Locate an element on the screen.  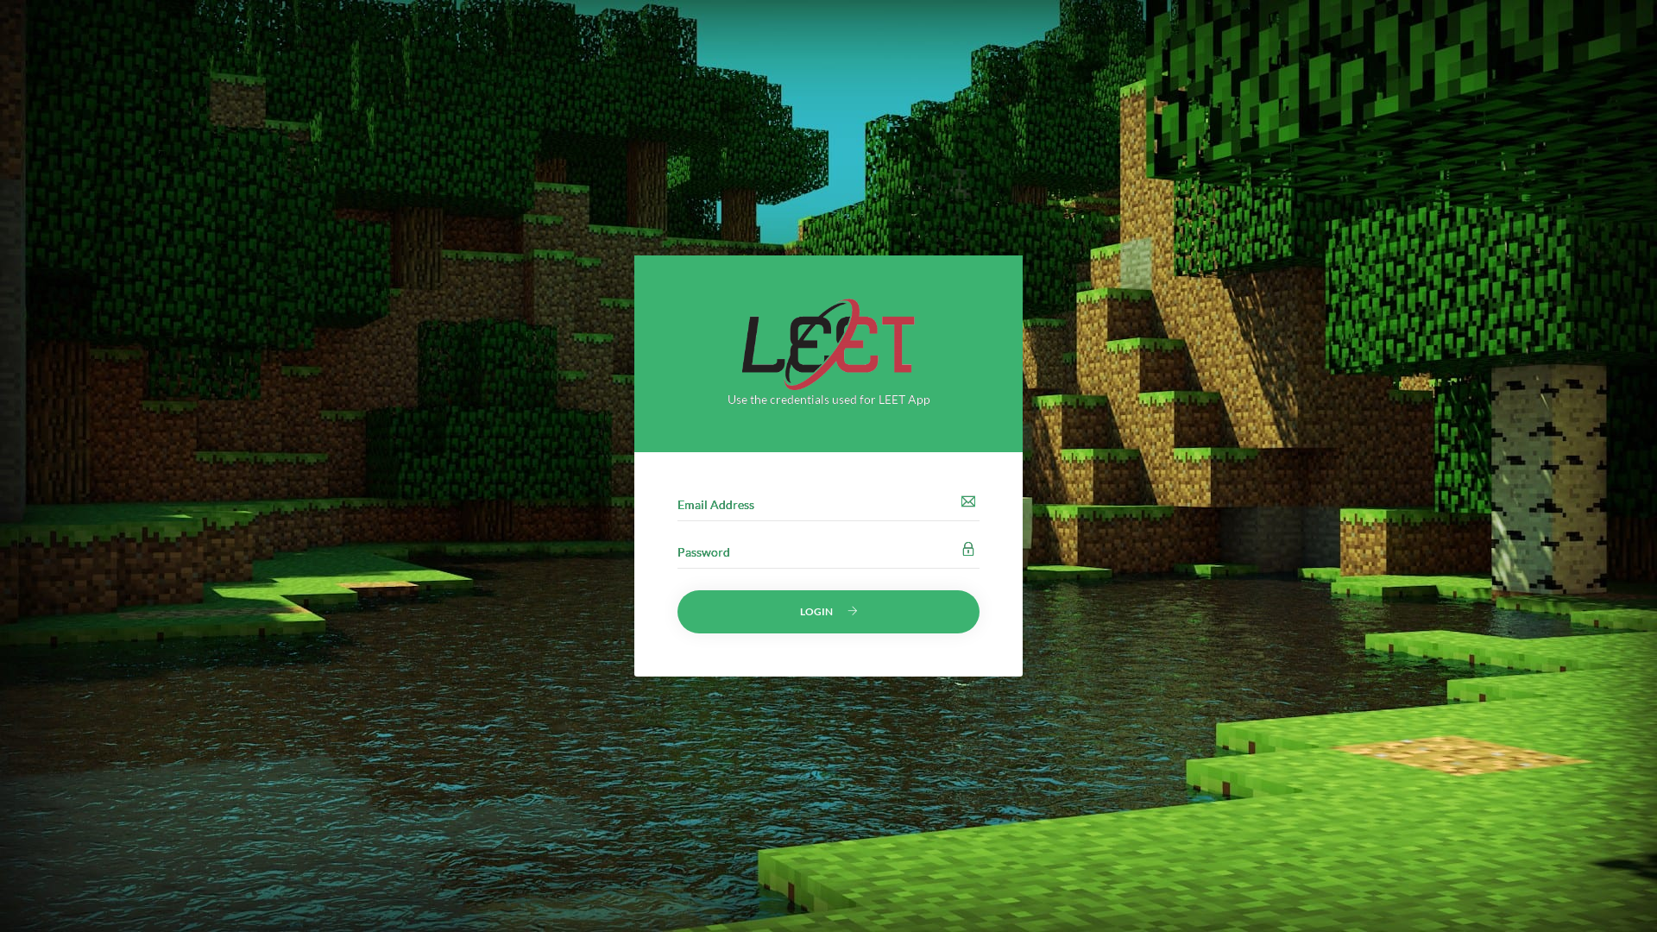
'LOGIN' is located at coordinates (828, 611).